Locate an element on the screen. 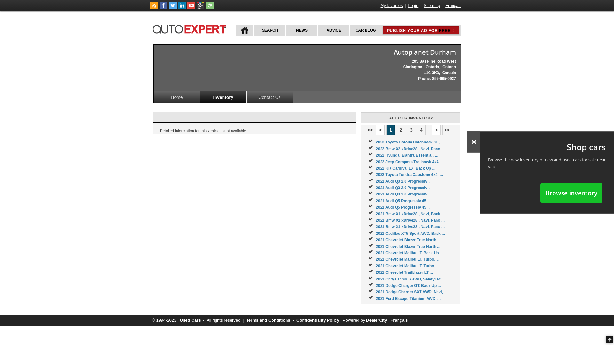  'Follow car news on autoExpert.ca' is located at coordinates (154, 8).